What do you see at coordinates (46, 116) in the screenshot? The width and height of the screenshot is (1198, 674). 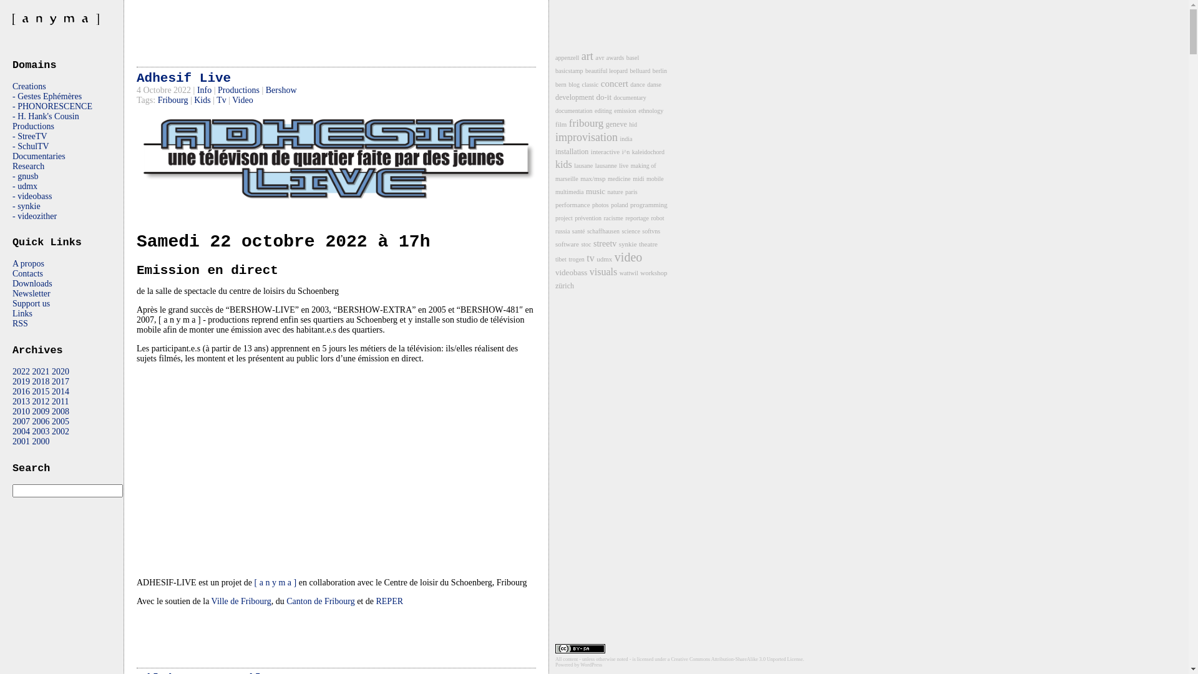 I see `'- H. Hank's Cousin'` at bounding box center [46, 116].